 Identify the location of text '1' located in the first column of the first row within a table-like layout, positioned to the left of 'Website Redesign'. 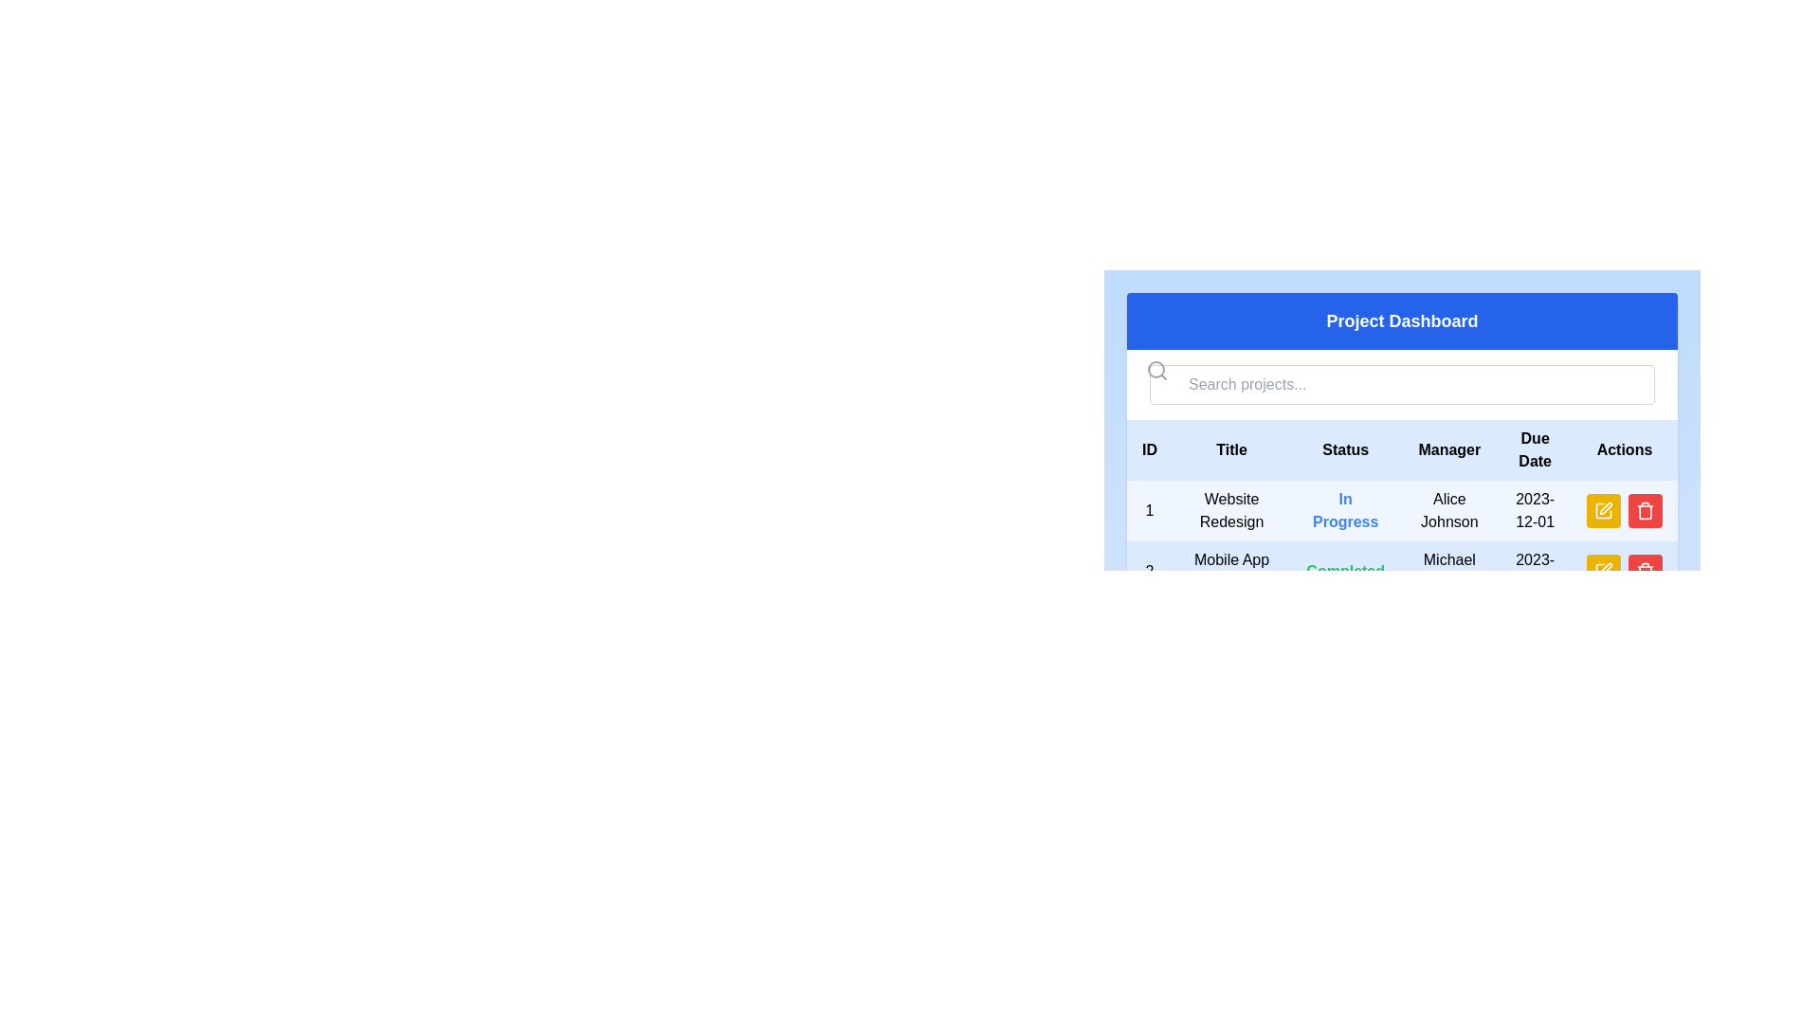
(1149, 510).